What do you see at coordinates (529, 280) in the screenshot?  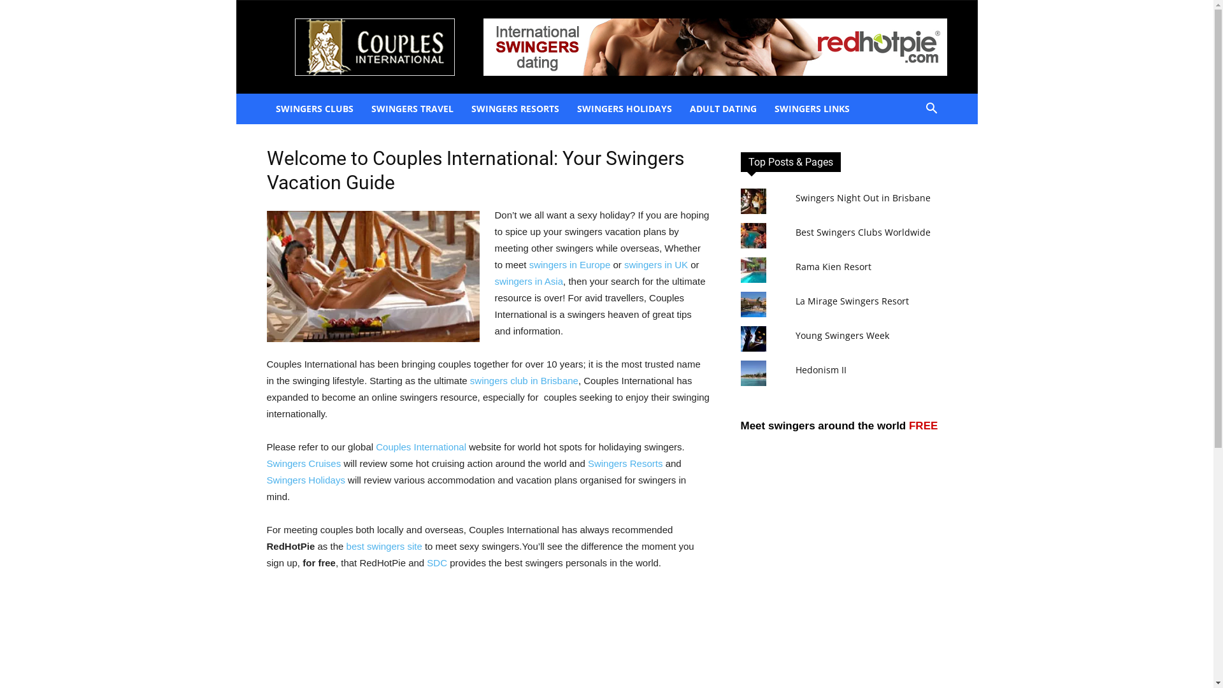 I see `'swingers in Asia'` at bounding box center [529, 280].